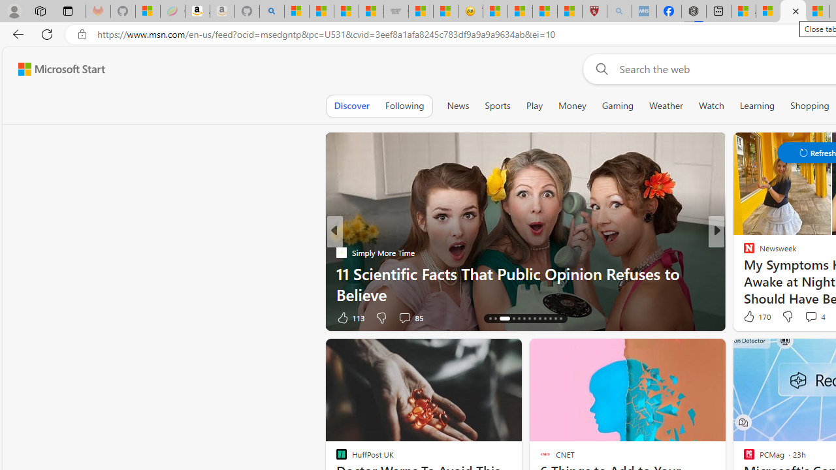 The image size is (836, 470). What do you see at coordinates (809, 105) in the screenshot?
I see `'Shopping'` at bounding box center [809, 105].